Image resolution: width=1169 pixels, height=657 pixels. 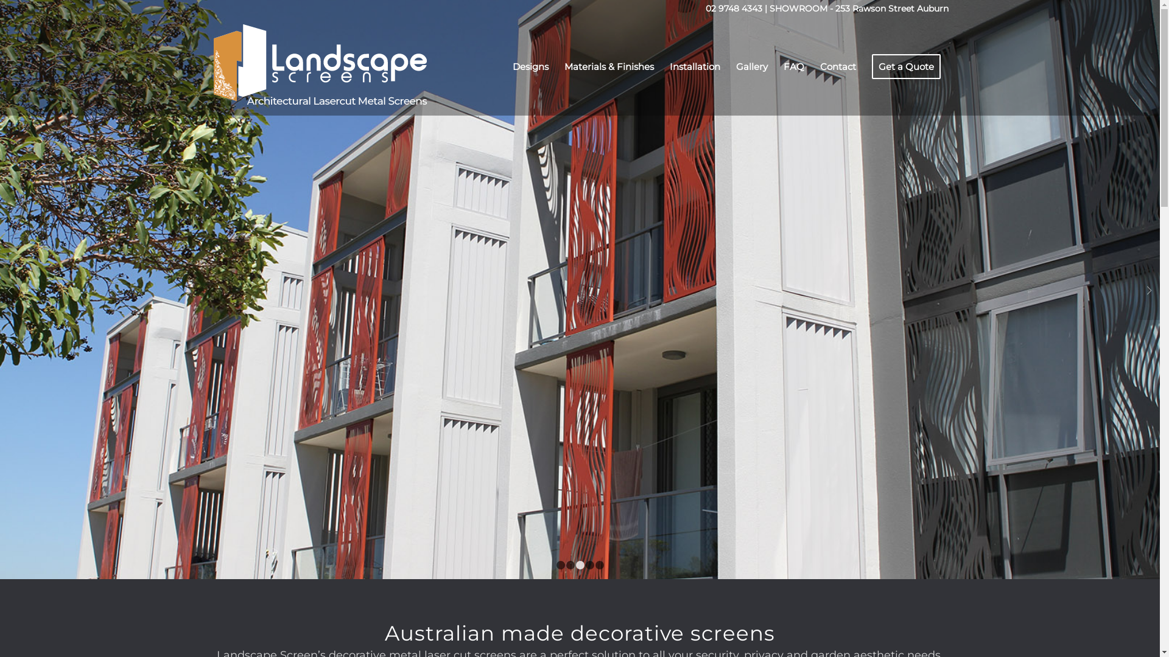 I want to click on 'Get a Quote', so click(x=905, y=67).